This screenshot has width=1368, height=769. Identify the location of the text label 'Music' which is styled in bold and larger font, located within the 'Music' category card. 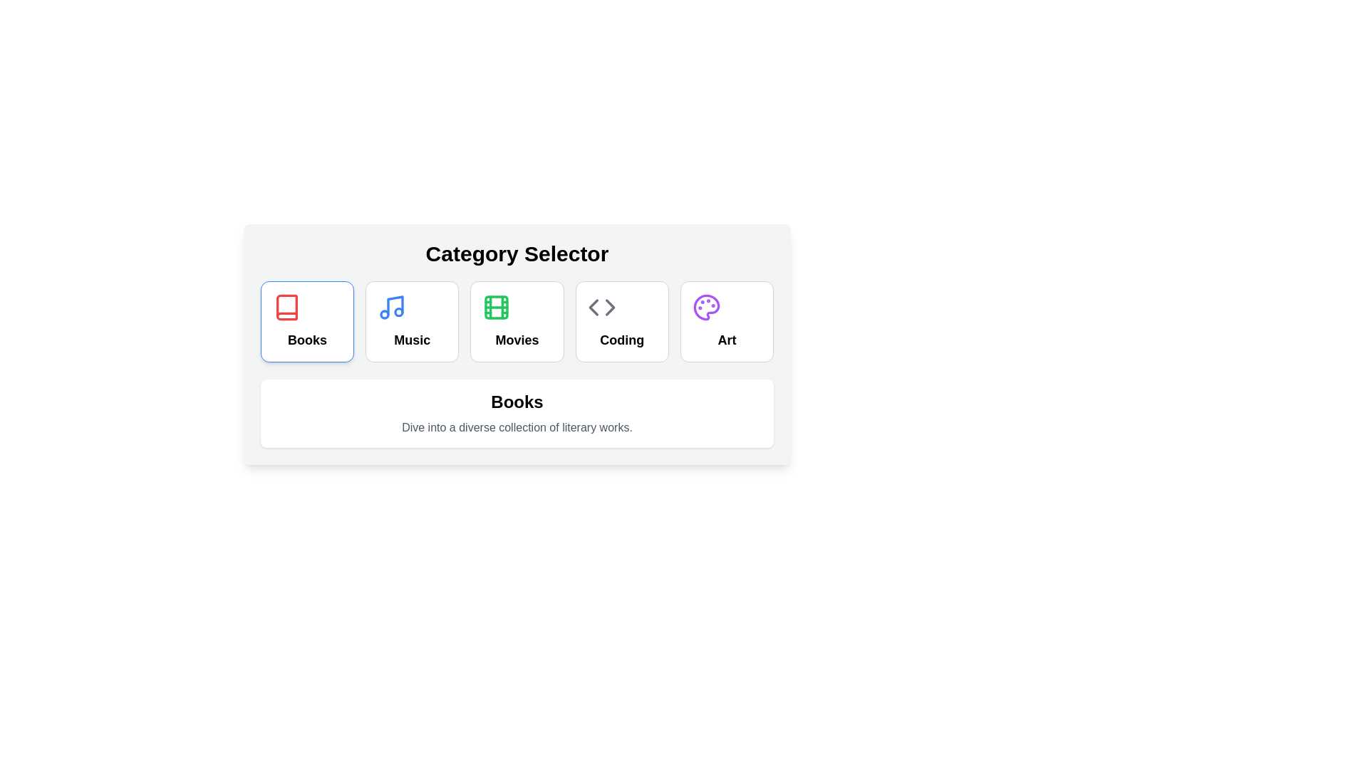
(411, 340).